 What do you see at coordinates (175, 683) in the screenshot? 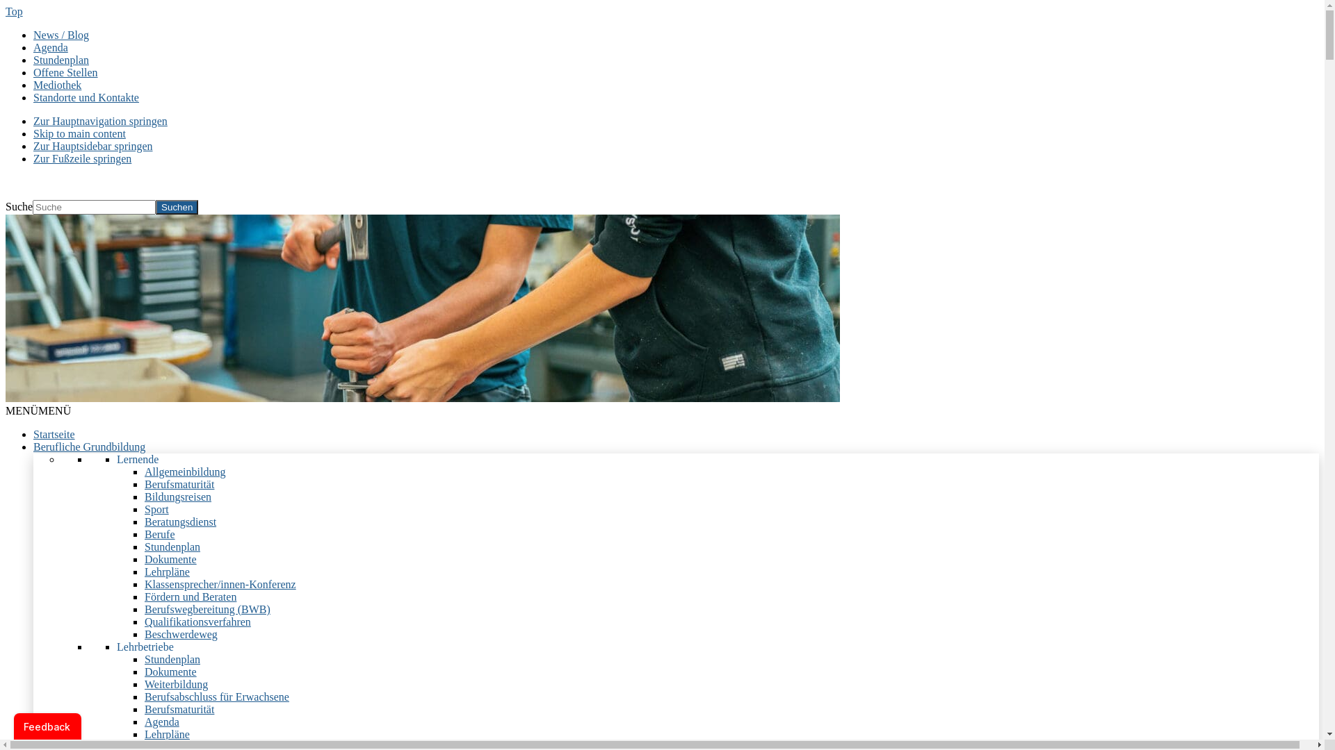
I see `'Weiterbildung'` at bounding box center [175, 683].